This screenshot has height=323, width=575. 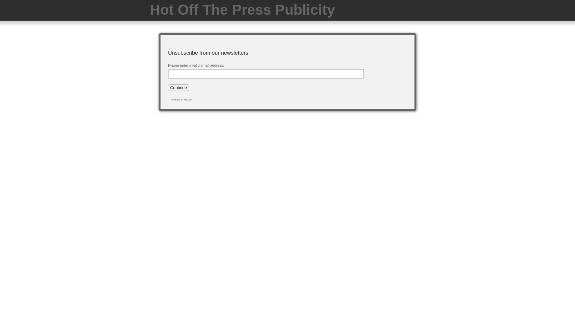 What do you see at coordinates (184, 99) in the screenshot?
I see `'phpList'` at bounding box center [184, 99].